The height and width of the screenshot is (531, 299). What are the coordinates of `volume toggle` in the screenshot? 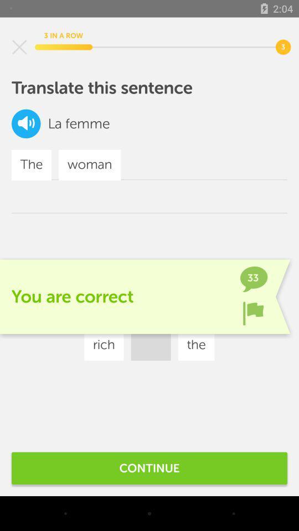 It's located at (26, 123).